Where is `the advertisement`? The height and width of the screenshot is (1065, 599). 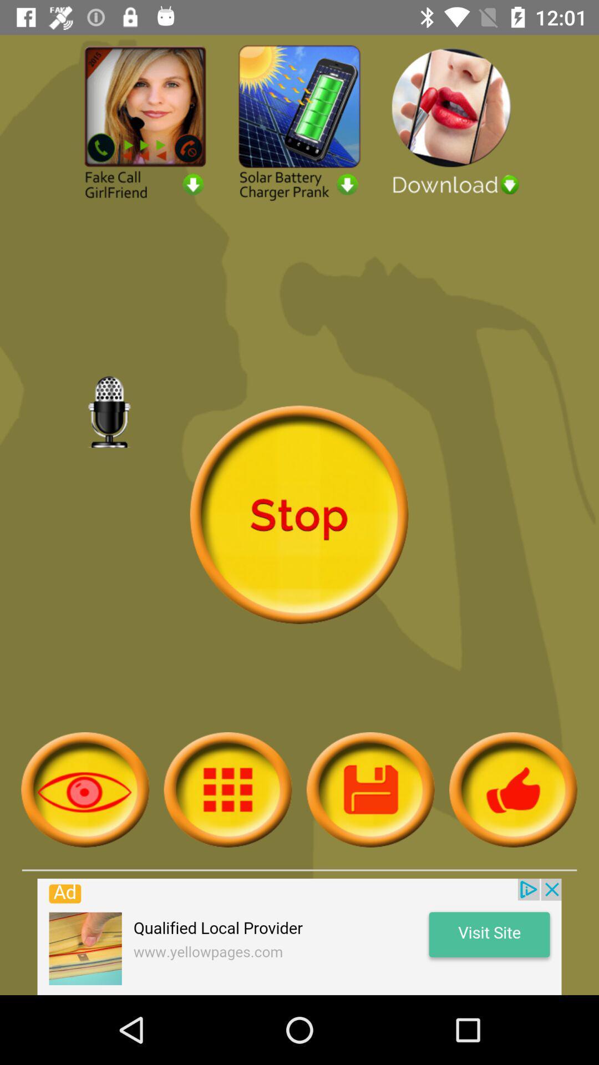 the advertisement is located at coordinates (299, 936).